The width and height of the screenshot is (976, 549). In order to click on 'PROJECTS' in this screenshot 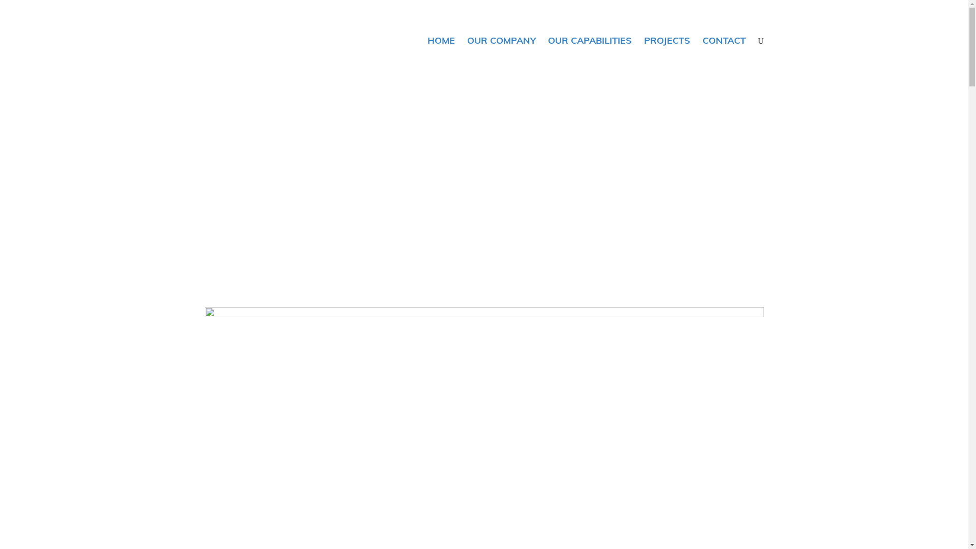, I will do `click(667, 40)`.